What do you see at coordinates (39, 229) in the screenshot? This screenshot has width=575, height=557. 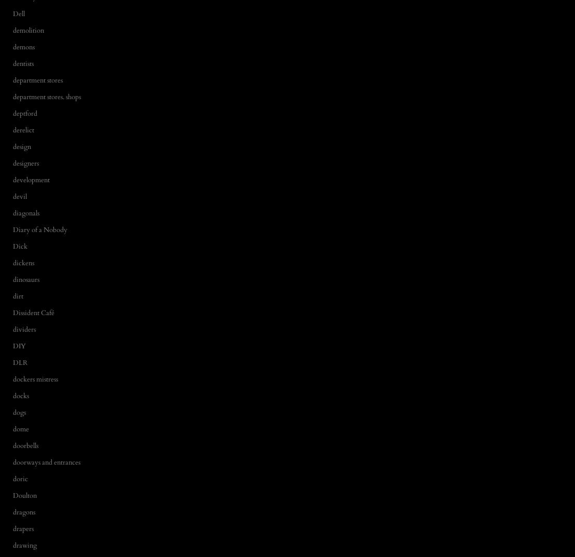 I see `'Diary of a Nobody'` at bounding box center [39, 229].